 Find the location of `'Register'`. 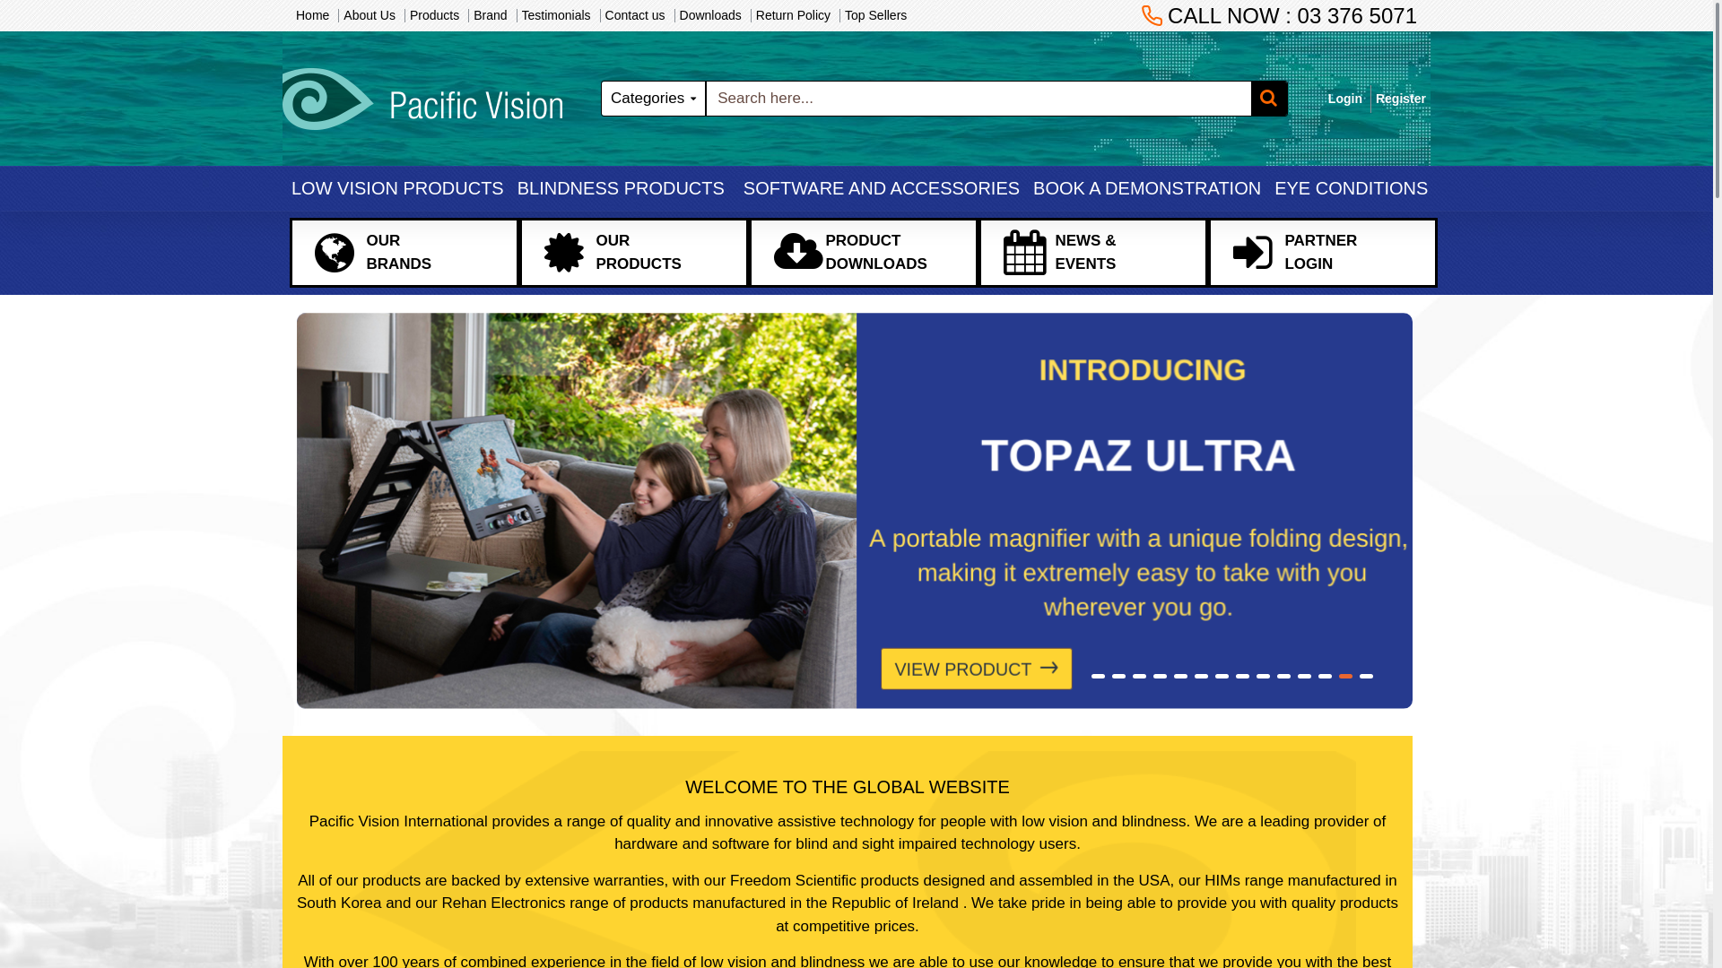

'Register' is located at coordinates (1399, 98).